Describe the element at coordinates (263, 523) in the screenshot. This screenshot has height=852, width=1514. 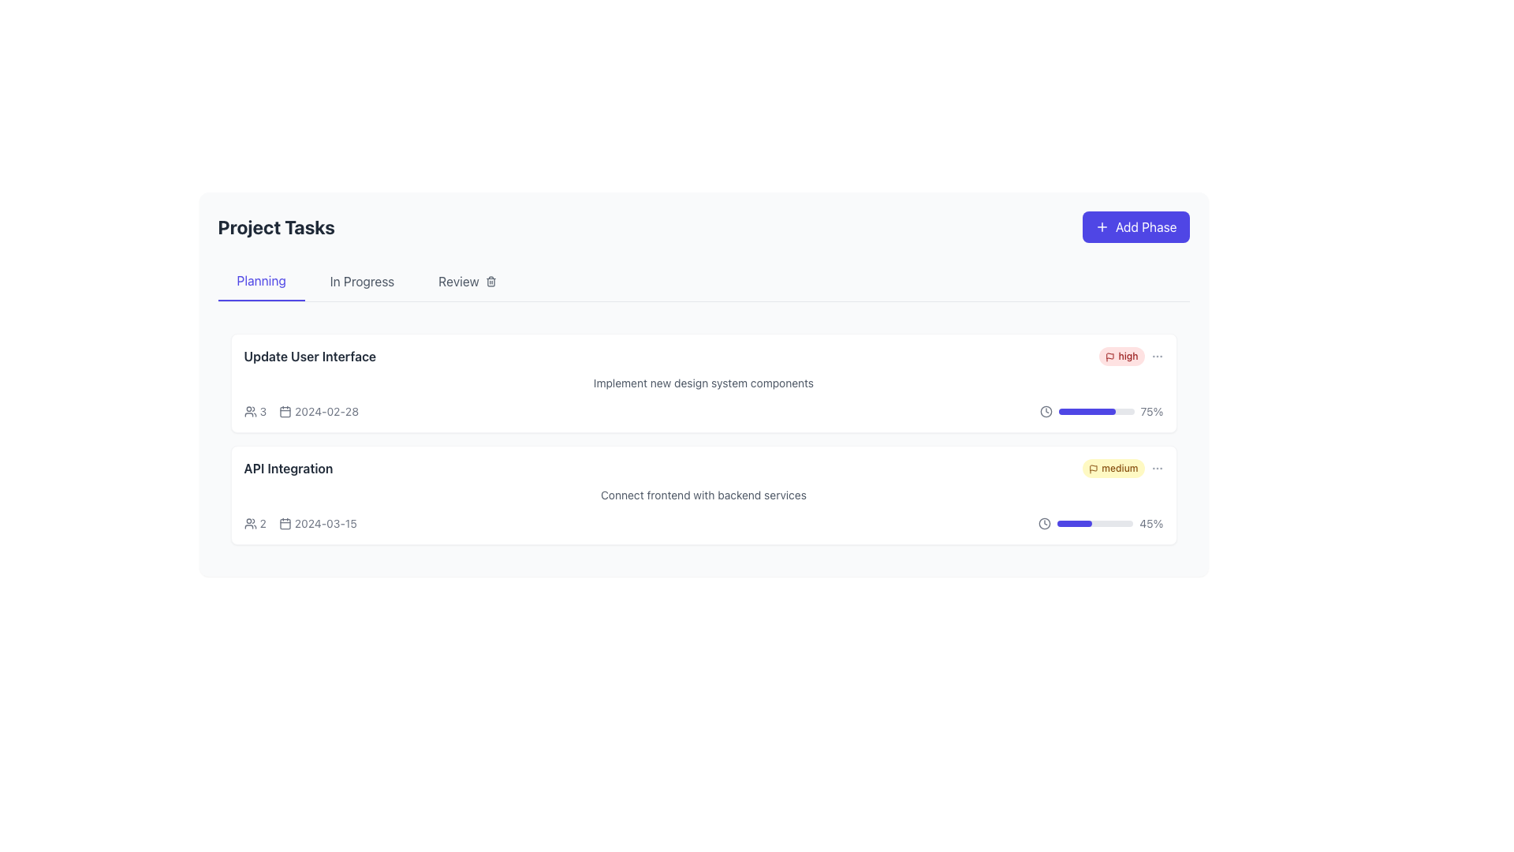
I see `displayed number of users associated with the task from the Text label located at the bottom left of the 'API Integration' panel, next to the user icon` at that location.